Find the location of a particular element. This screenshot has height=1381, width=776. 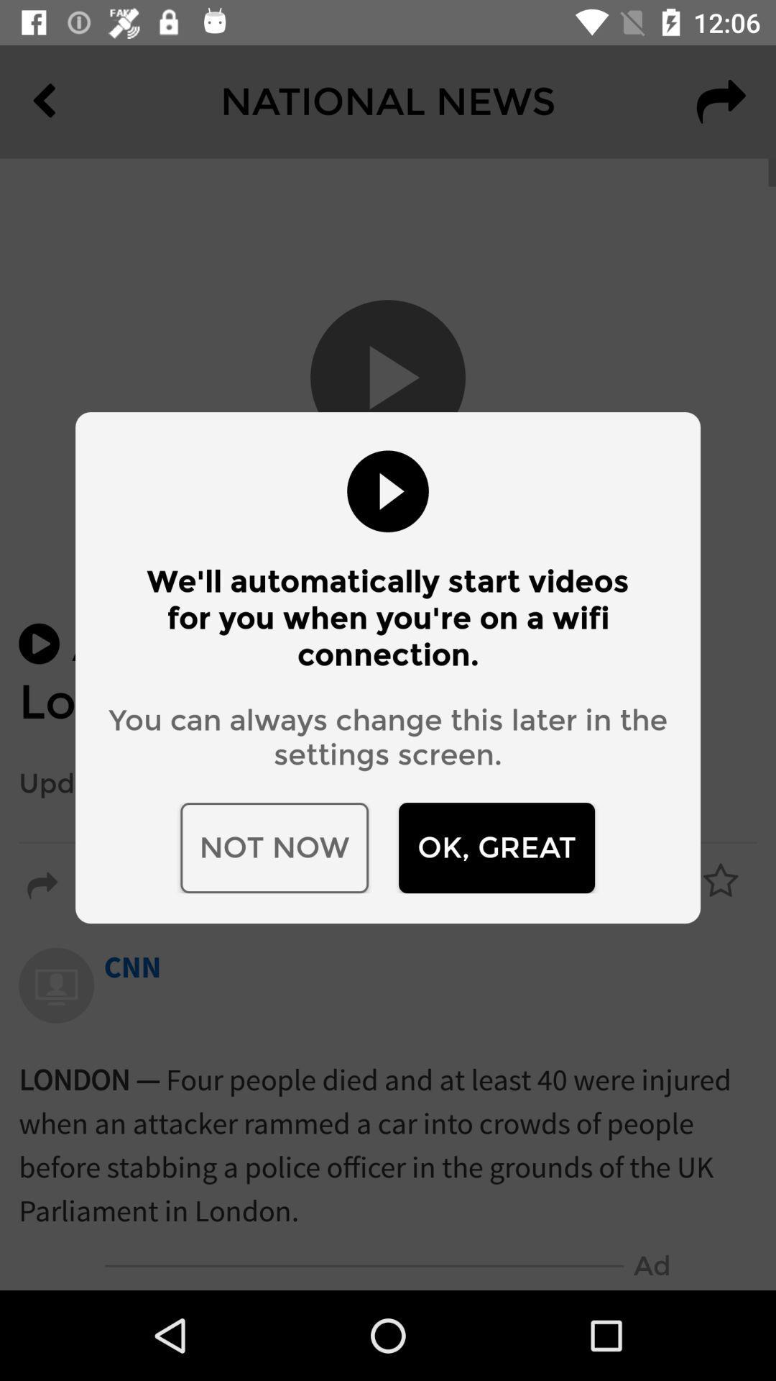

the redo icon is located at coordinates (721, 101).